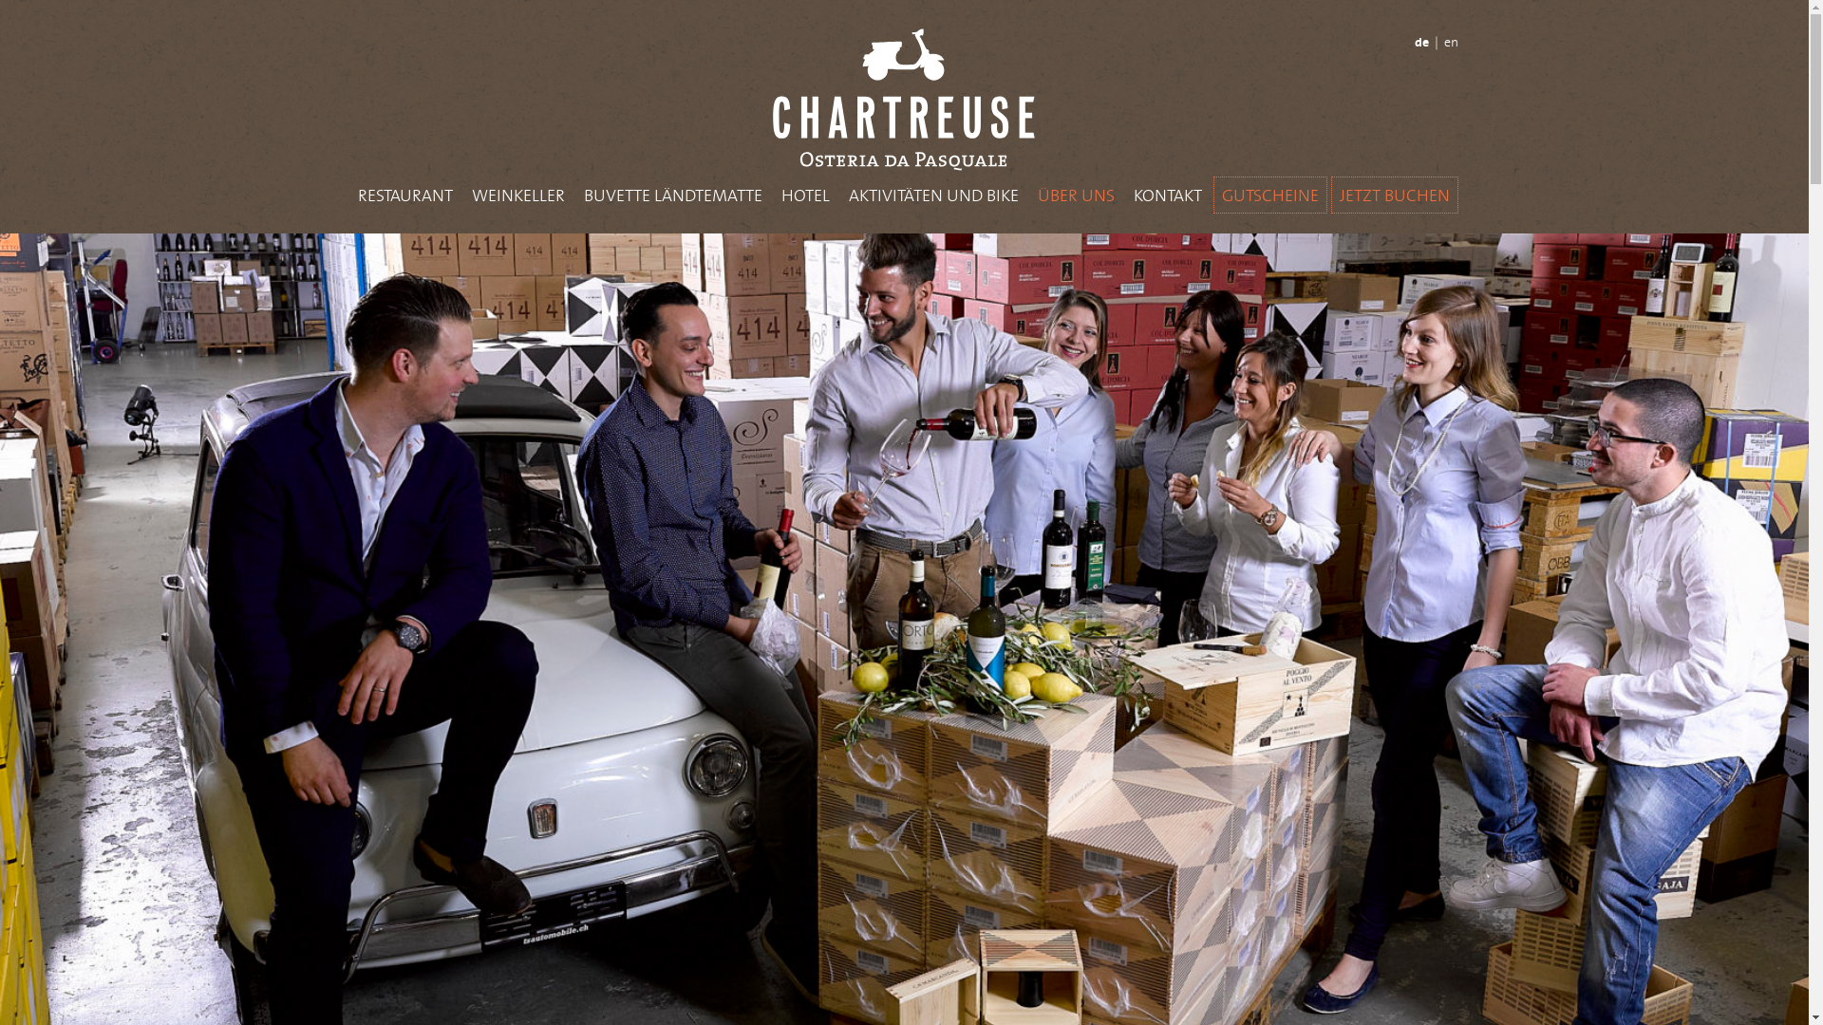  What do you see at coordinates (1166, 195) in the screenshot?
I see `'KONTAKT'` at bounding box center [1166, 195].